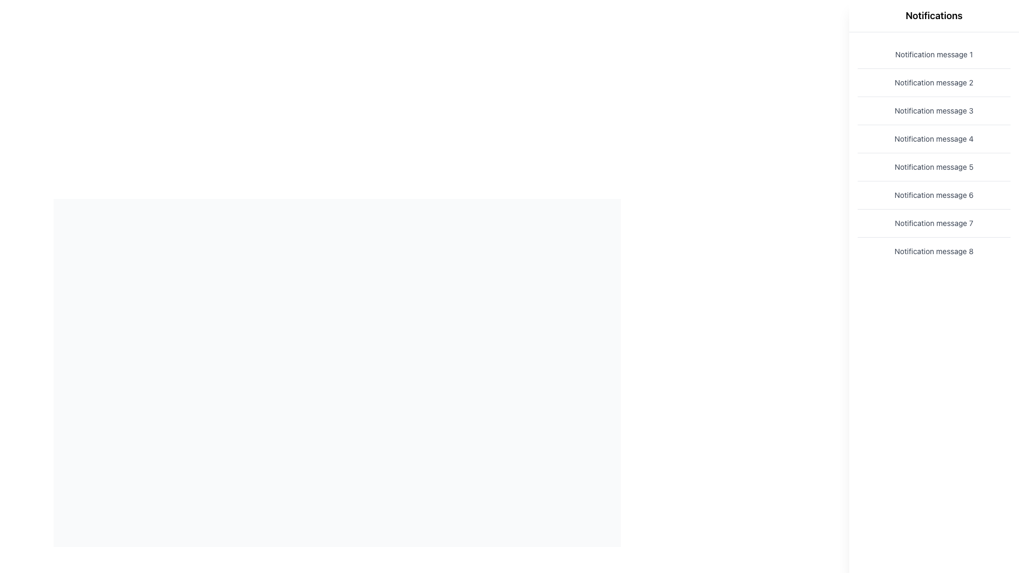 Image resolution: width=1019 pixels, height=573 pixels. What do you see at coordinates (999, 19) in the screenshot?
I see `the close button located at the top-right corner of the notifications area` at bounding box center [999, 19].